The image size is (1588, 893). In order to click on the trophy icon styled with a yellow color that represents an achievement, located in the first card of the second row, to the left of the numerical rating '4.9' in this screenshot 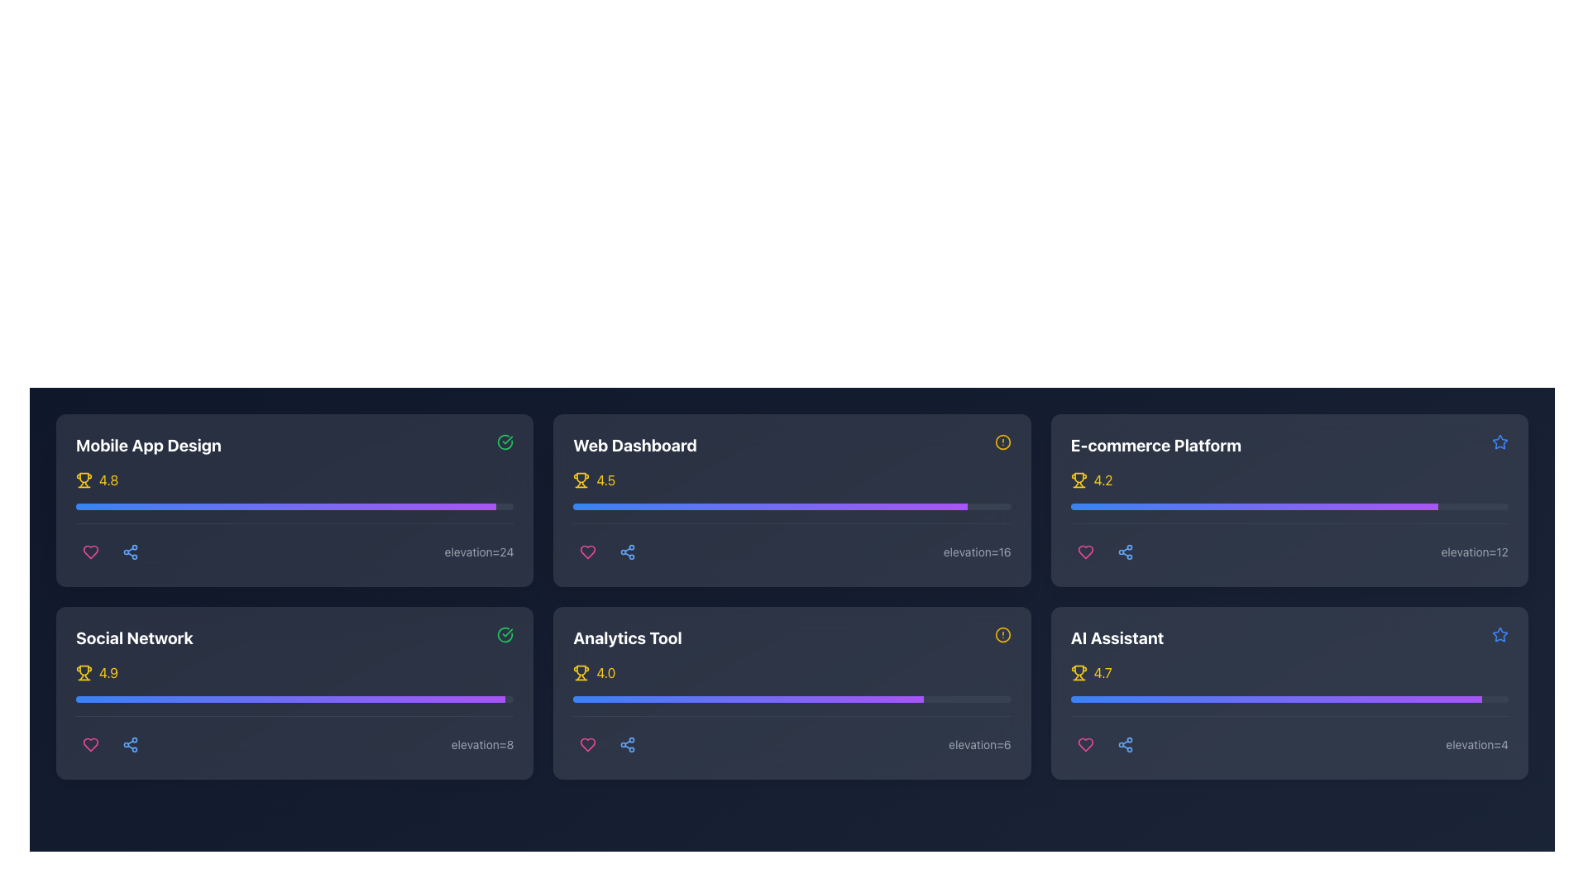, I will do `click(83, 672)`.